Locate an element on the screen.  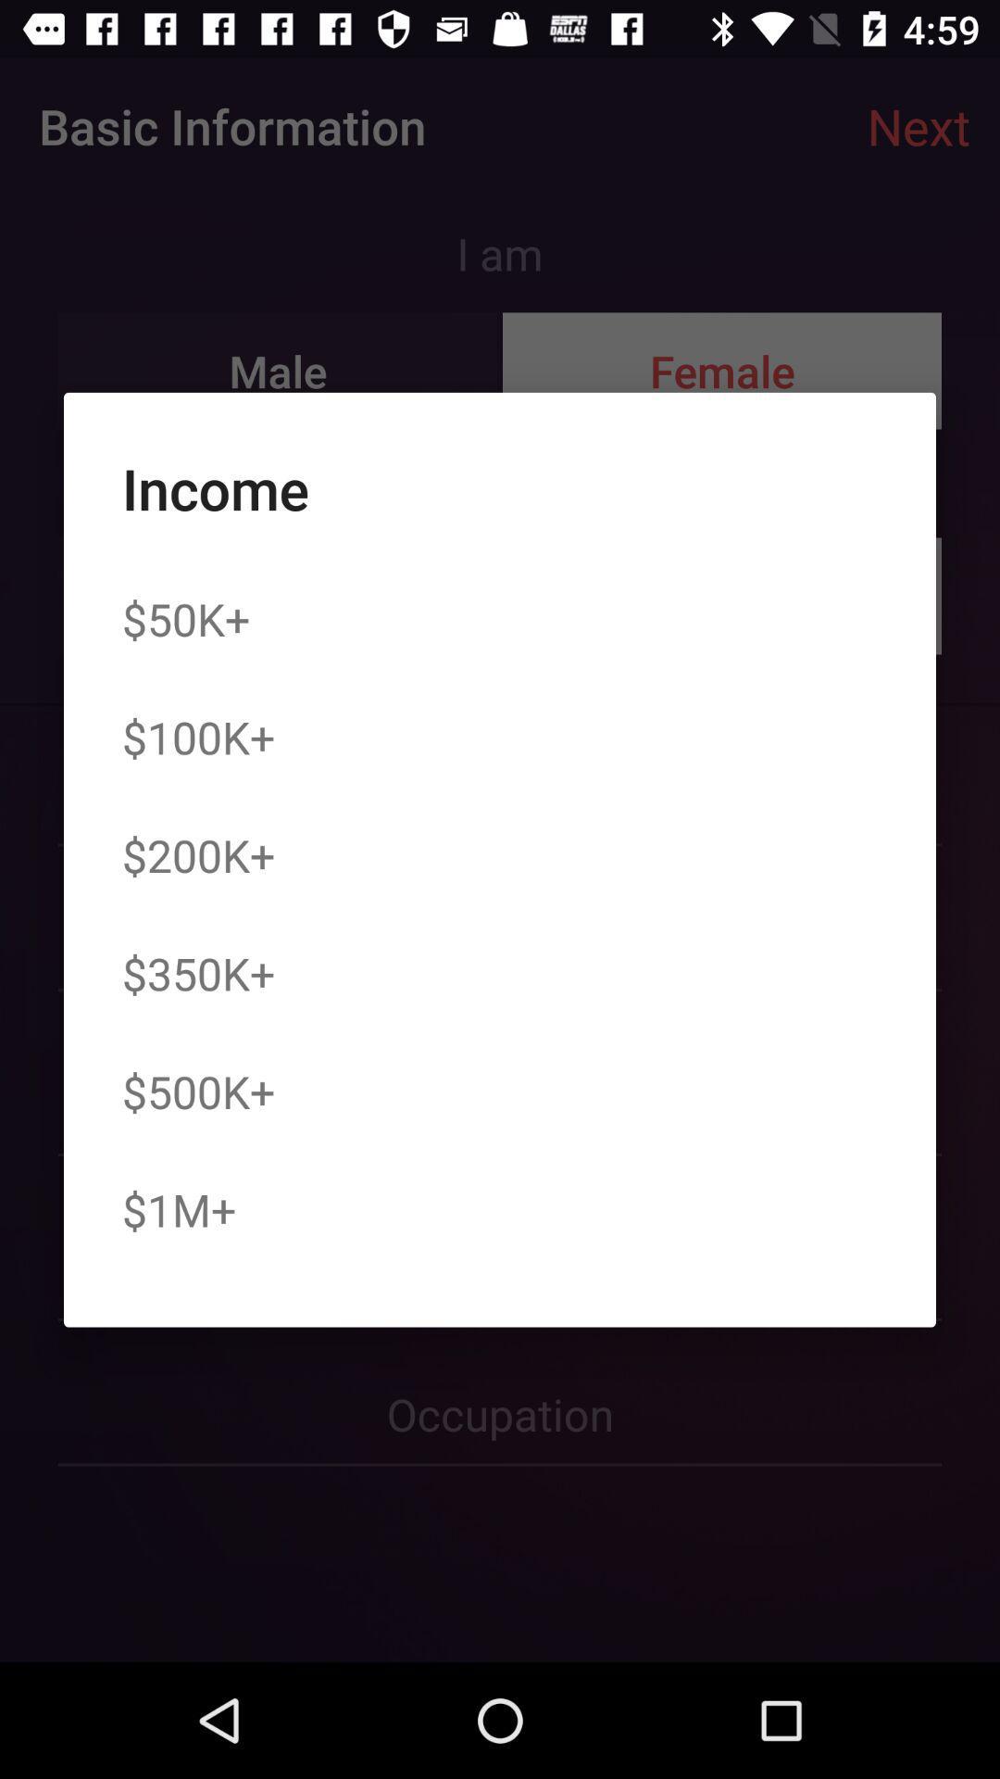
the icon above the $1m+ item is located at coordinates (198, 1091).